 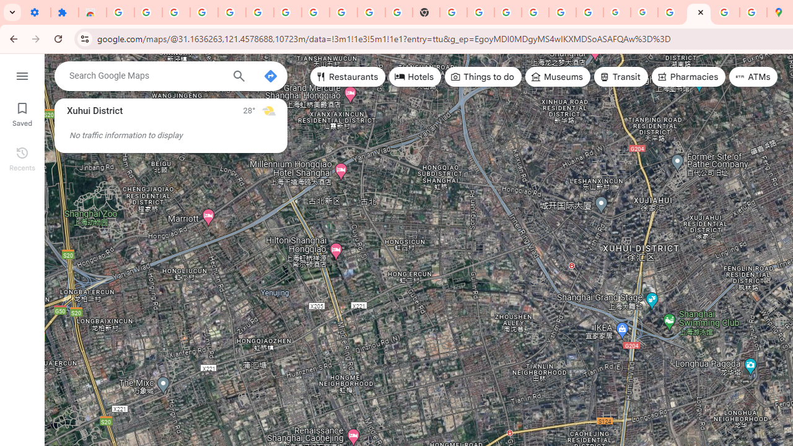 I want to click on 'Sign in - Google Accounts', so click(x=120, y=12).